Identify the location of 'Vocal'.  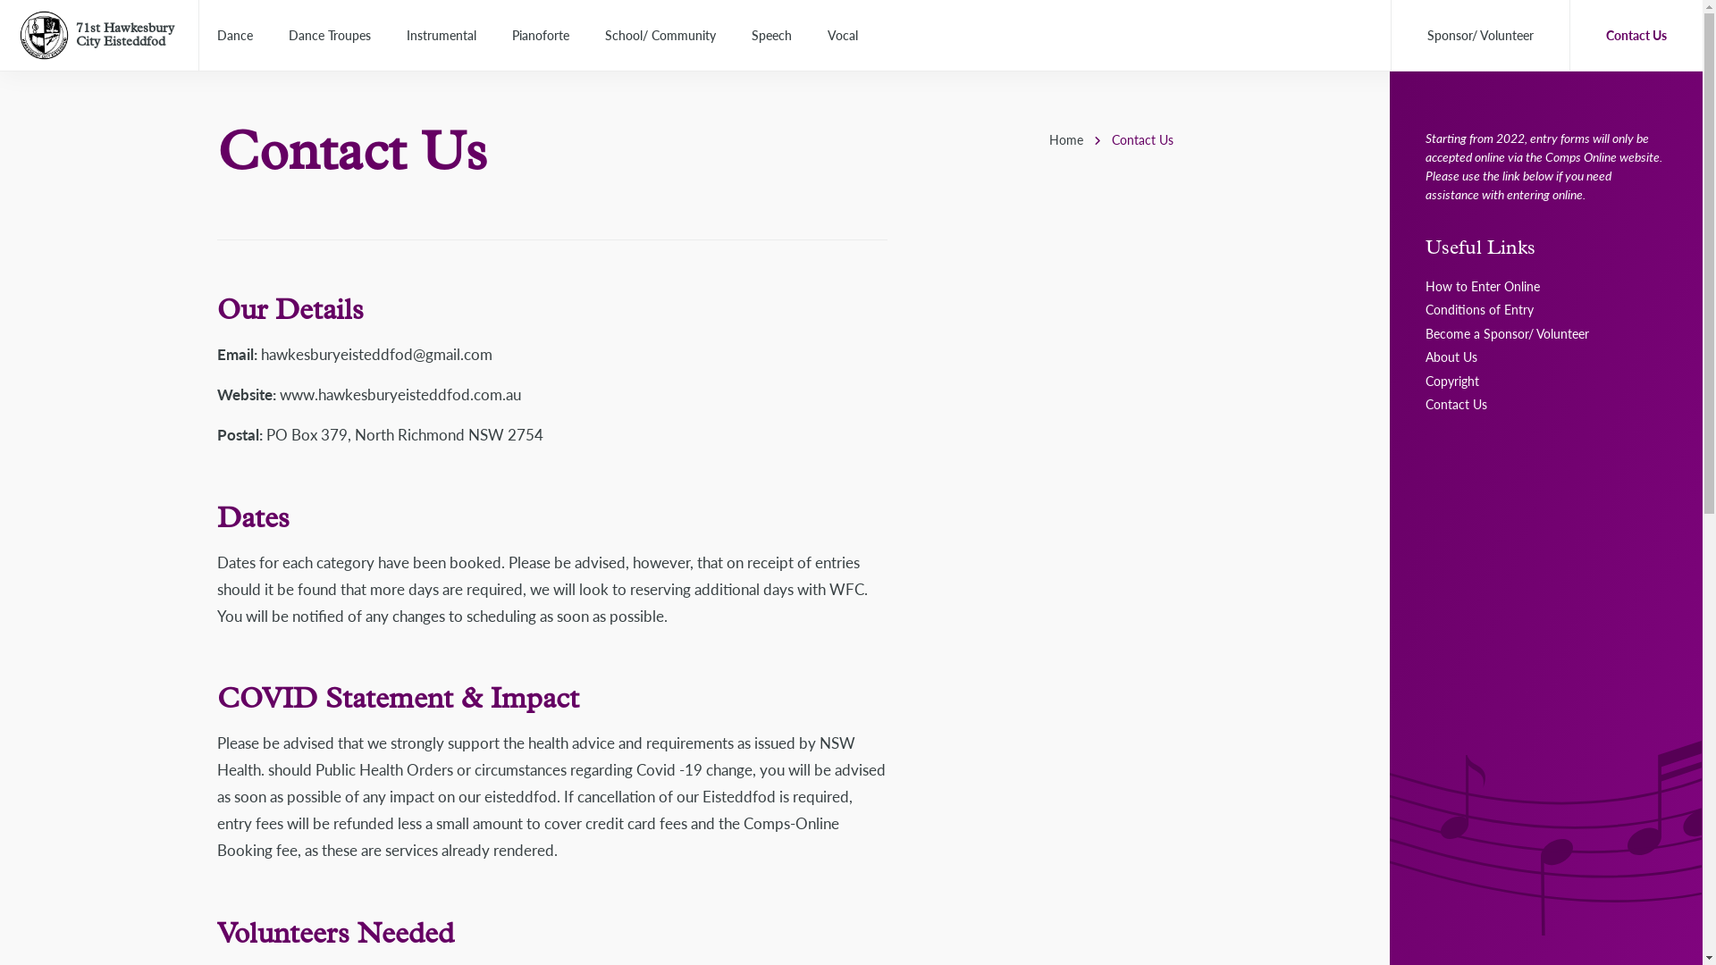
(841, 35).